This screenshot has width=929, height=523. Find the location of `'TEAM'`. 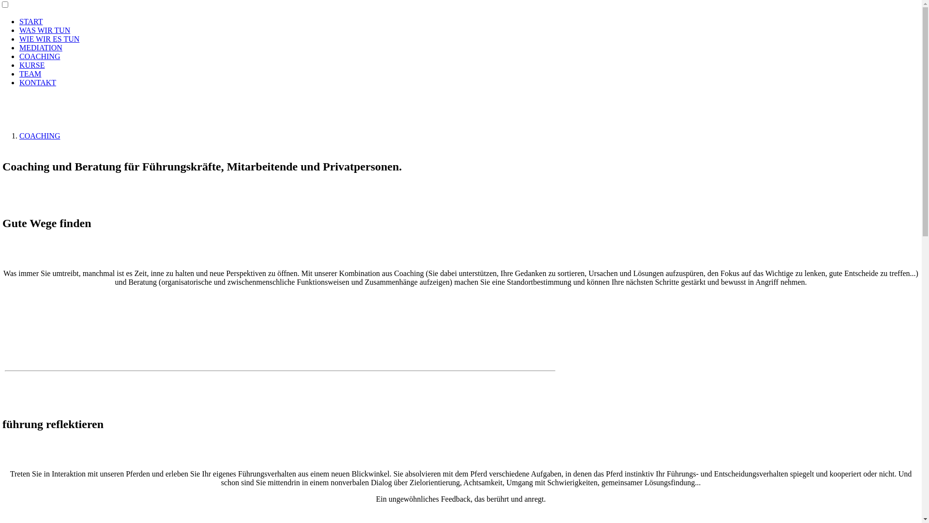

'TEAM' is located at coordinates (30, 73).